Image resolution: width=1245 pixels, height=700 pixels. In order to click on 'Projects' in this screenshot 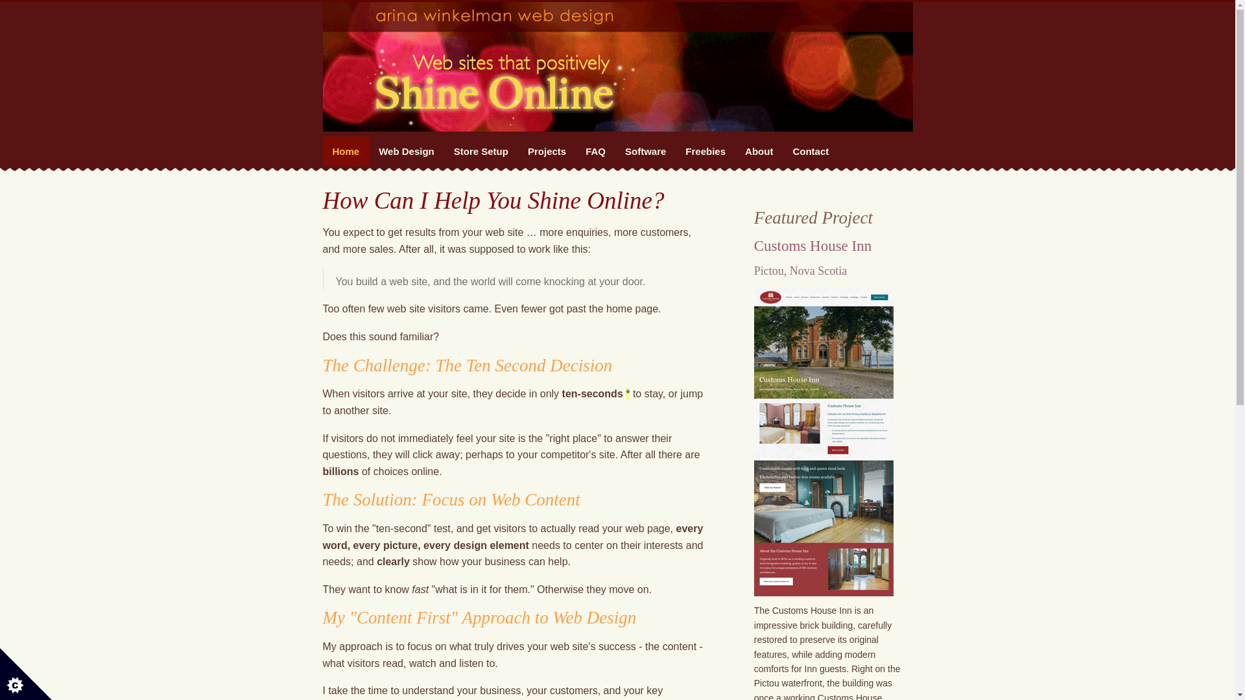, I will do `click(547, 150)`.